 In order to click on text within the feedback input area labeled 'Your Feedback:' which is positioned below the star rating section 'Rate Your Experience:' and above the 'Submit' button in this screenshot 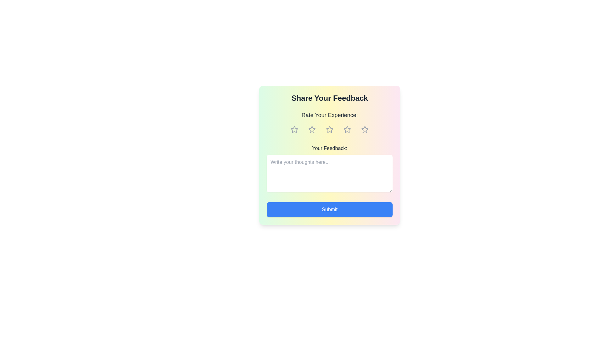, I will do `click(329, 169)`.